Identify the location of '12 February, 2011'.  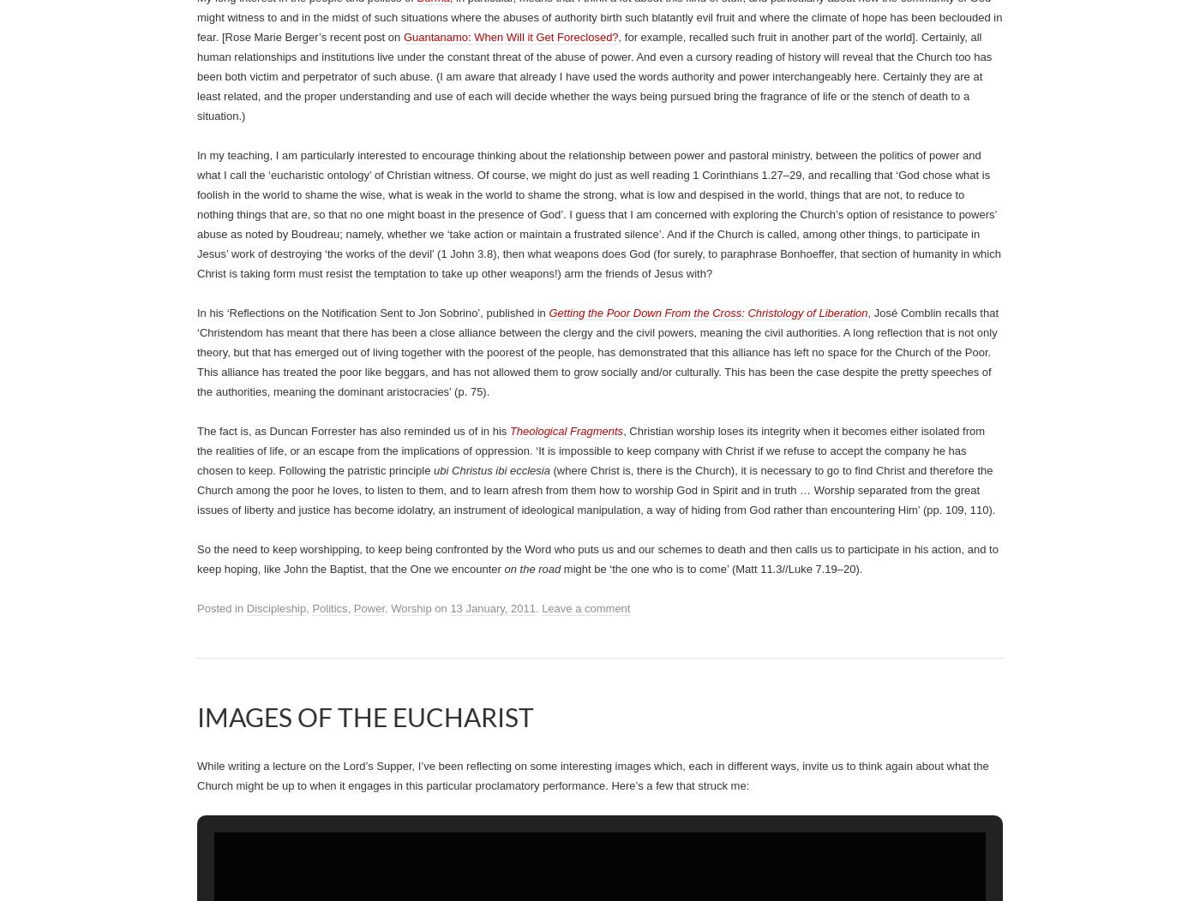
(839, 280).